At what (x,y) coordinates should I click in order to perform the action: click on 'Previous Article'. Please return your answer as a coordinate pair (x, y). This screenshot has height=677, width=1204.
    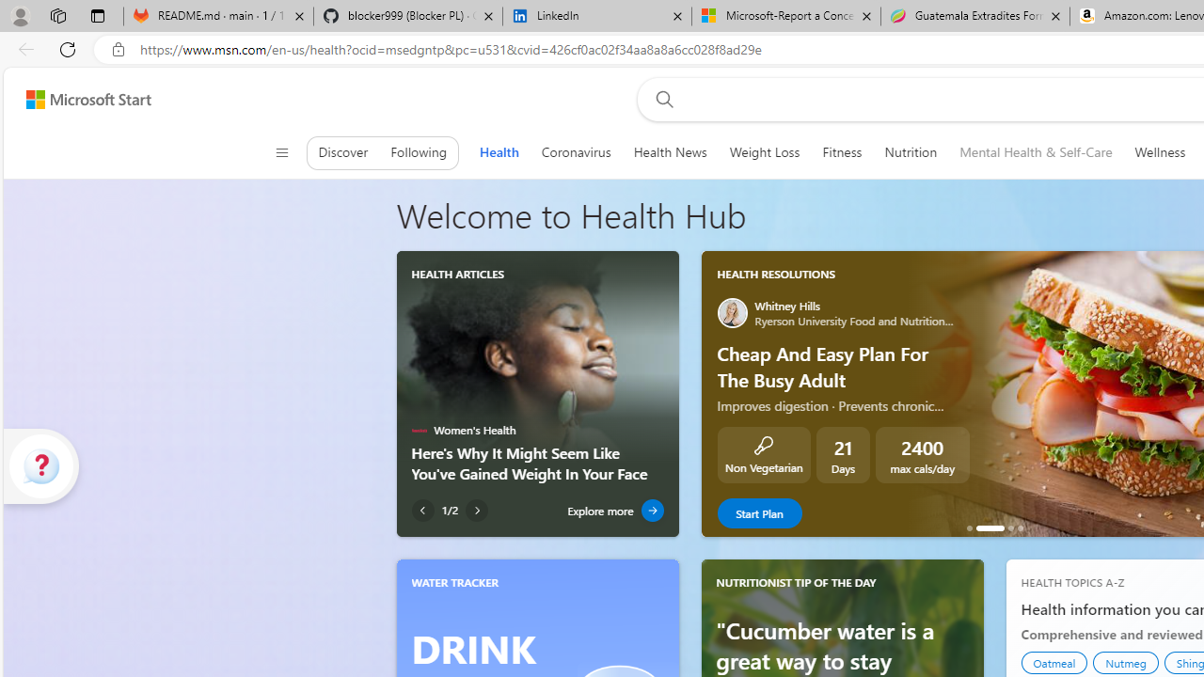
    Looking at the image, I should click on (421, 511).